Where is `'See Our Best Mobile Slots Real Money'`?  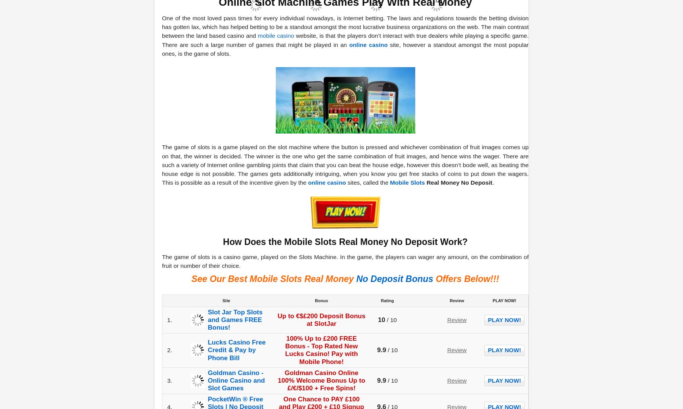
'See Our Best Mobile Slots Real Money' is located at coordinates (191, 278).